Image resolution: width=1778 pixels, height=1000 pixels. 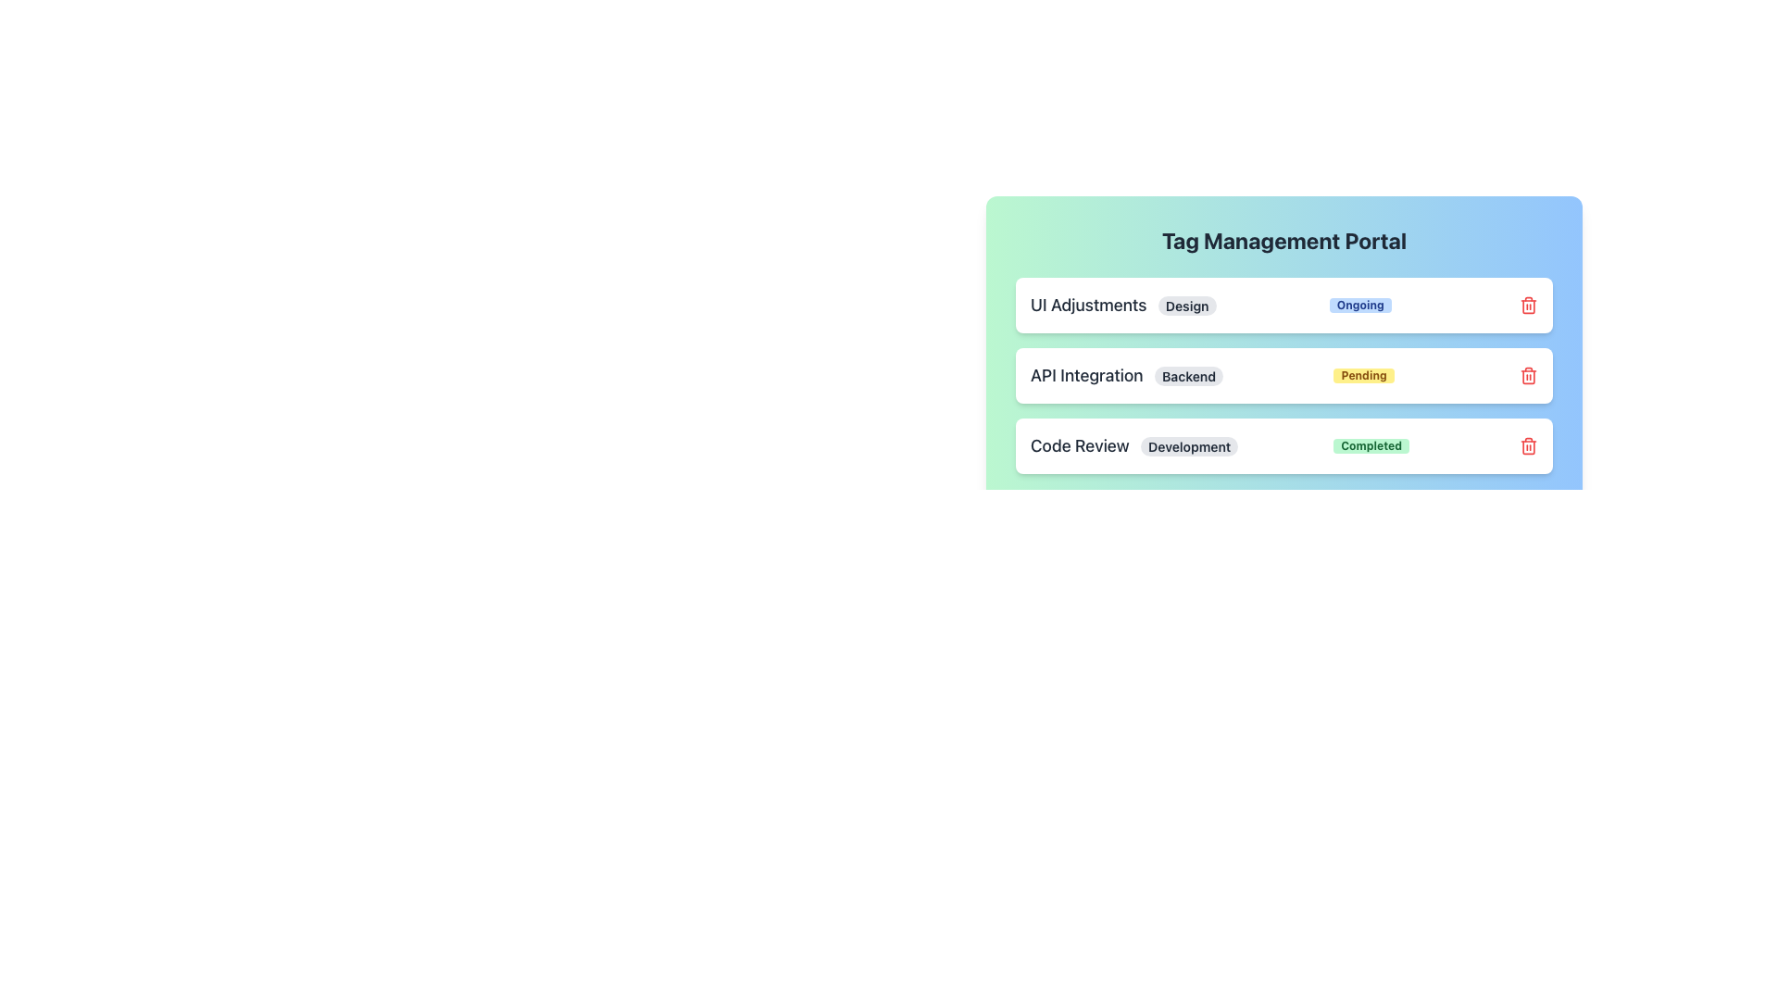 What do you see at coordinates (1187, 305) in the screenshot?
I see `the 'Design' tag located within the 'UI Adjustments' card in the 'Tag Management Portal' interface, positioned to the right of the 'UI Adjustments' text` at bounding box center [1187, 305].